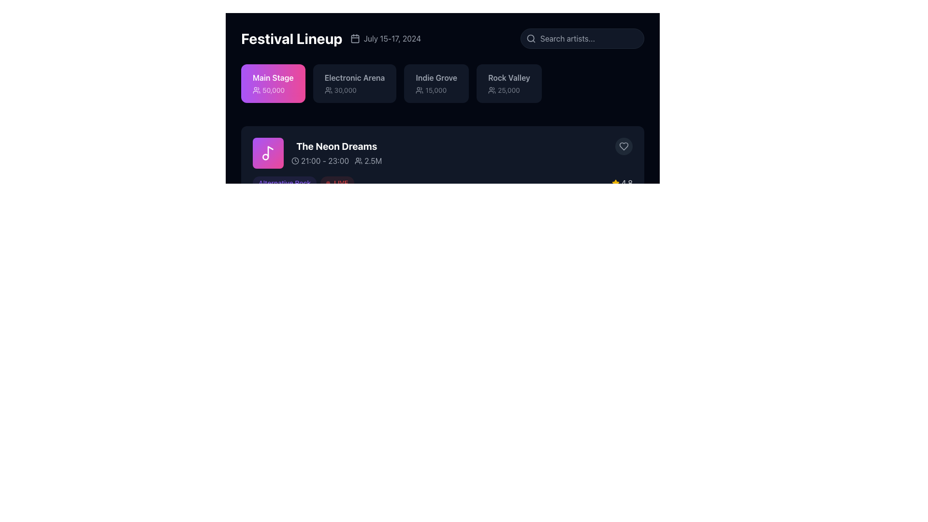 The image size is (928, 522). What do you see at coordinates (336, 152) in the screenshot?
I see `the Display Text Block that shows event details, including a bold title and supplementary information` at bounding box center [336, 152].